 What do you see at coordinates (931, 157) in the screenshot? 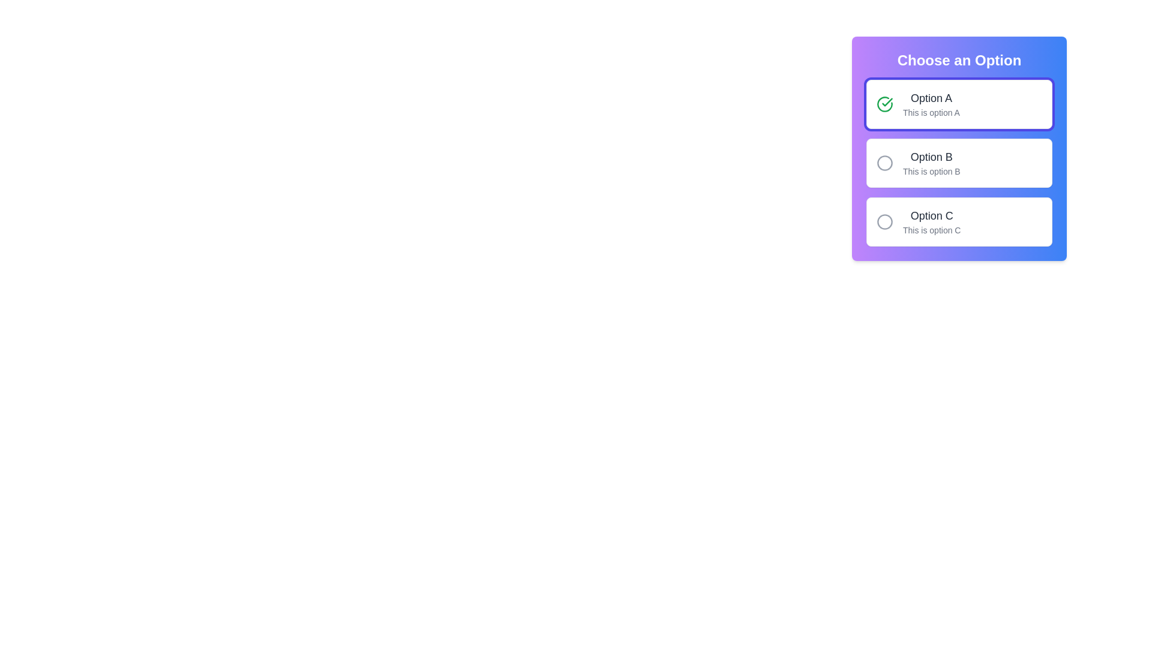
I see `the Text Label that provides the title for Option B, which is located directly below 'Option A' and above 'This is option B' in the selectable options list` at bounding box center [931, 157].